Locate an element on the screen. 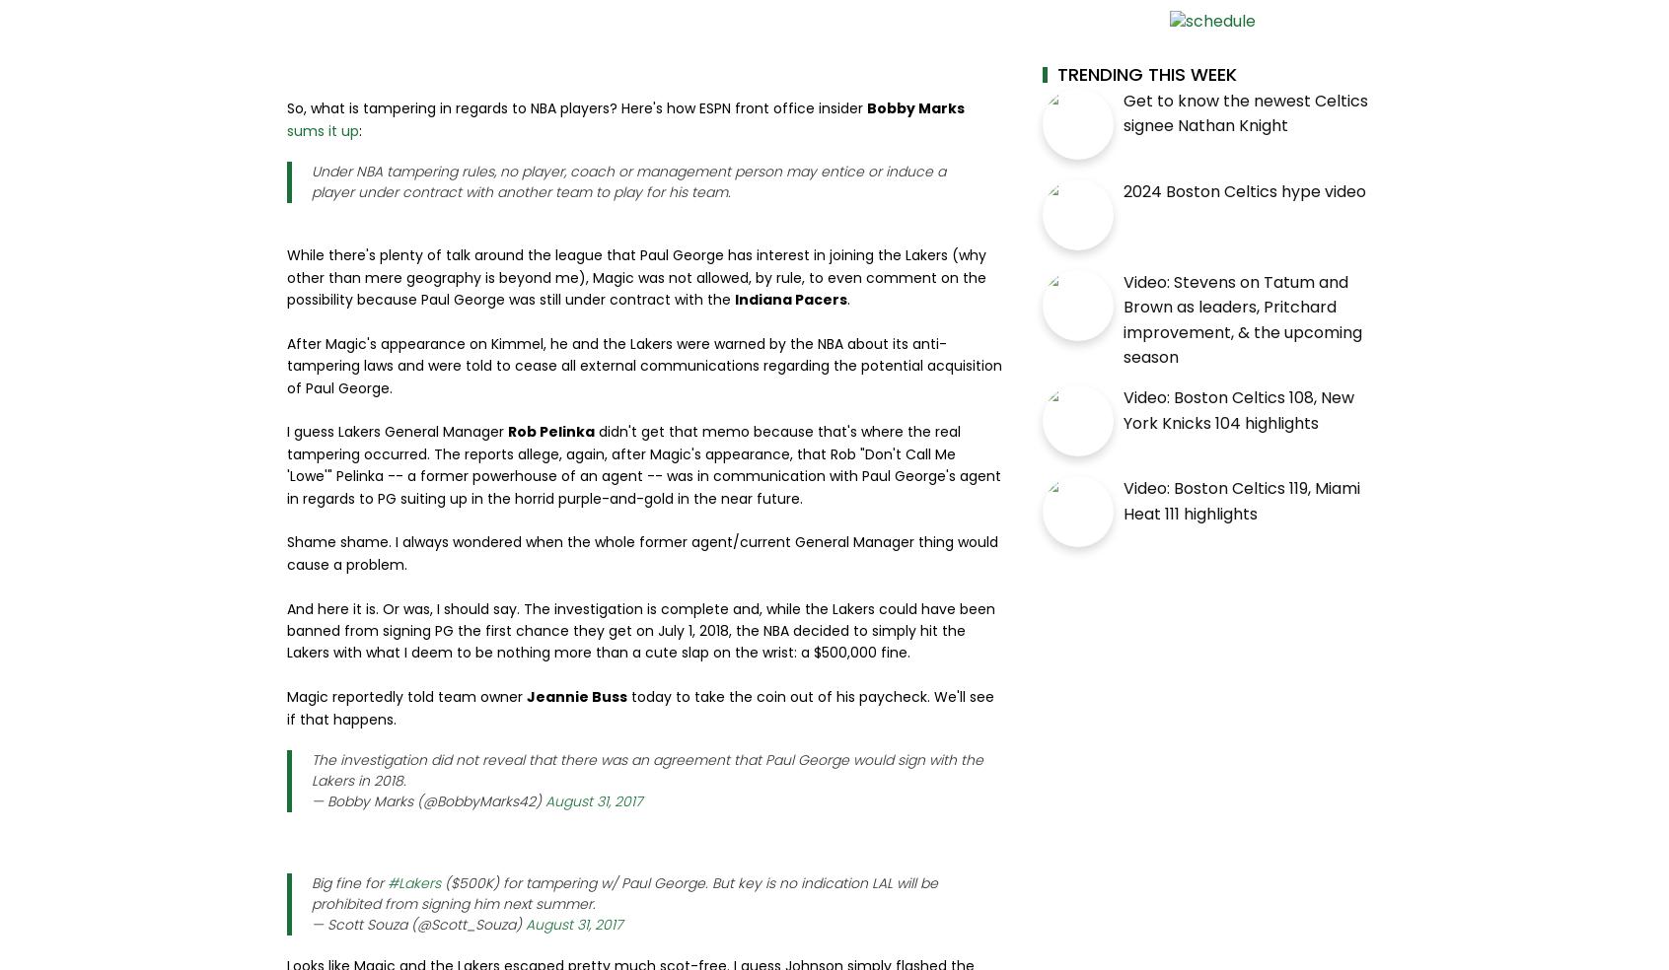  'today to take the coin out of his paycheck. We'll see if that happens.' is located at coordinates (640, 708).